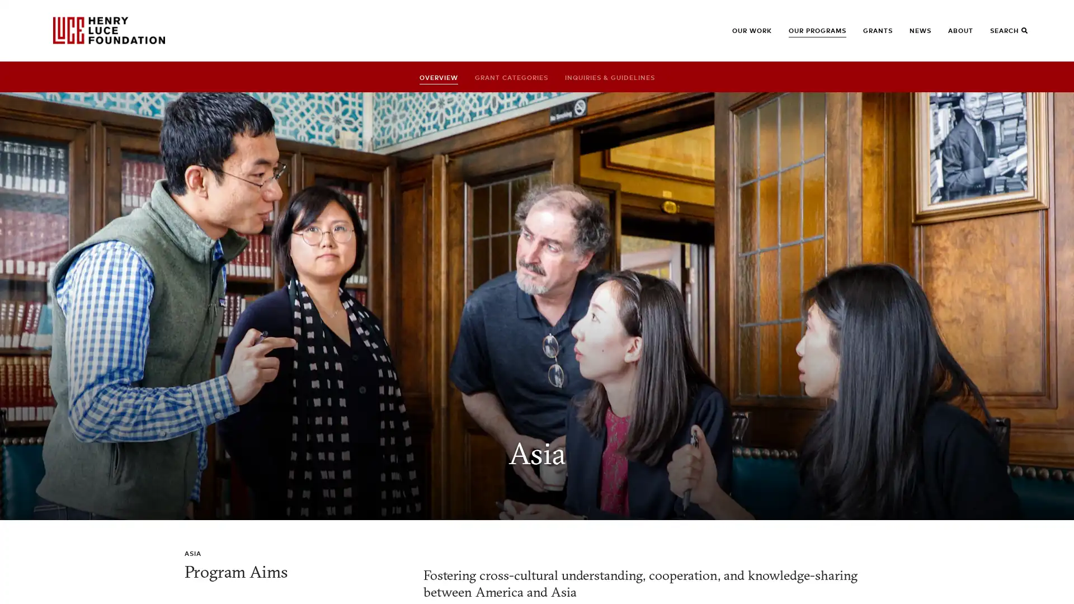 This screenshot has width=1074, height=604. What do you see at coordinates (806, 35) in the screenshot?
I see `SHOW SUBMENU FOR OUR PROGRAMS` at bounding box center [806, 35].